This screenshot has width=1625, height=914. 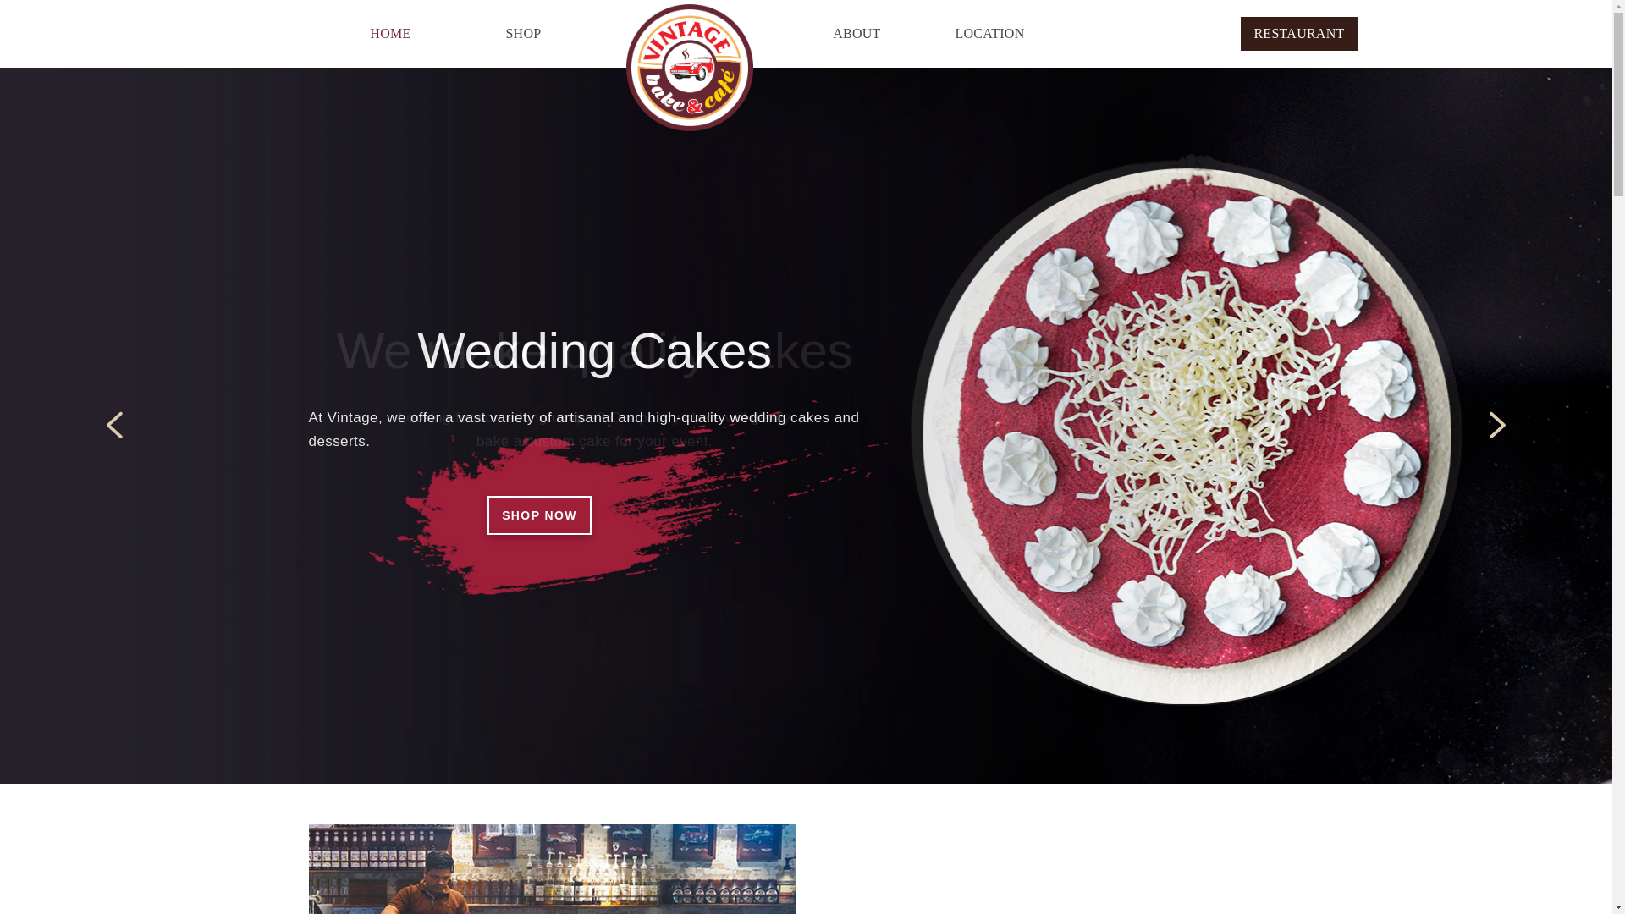 I want to click on 'SHOP', so click(x=522, y=33).